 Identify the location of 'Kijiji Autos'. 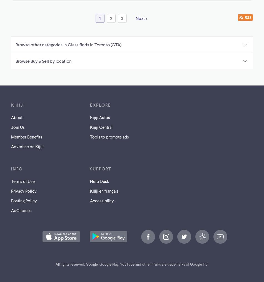
(90, 117).